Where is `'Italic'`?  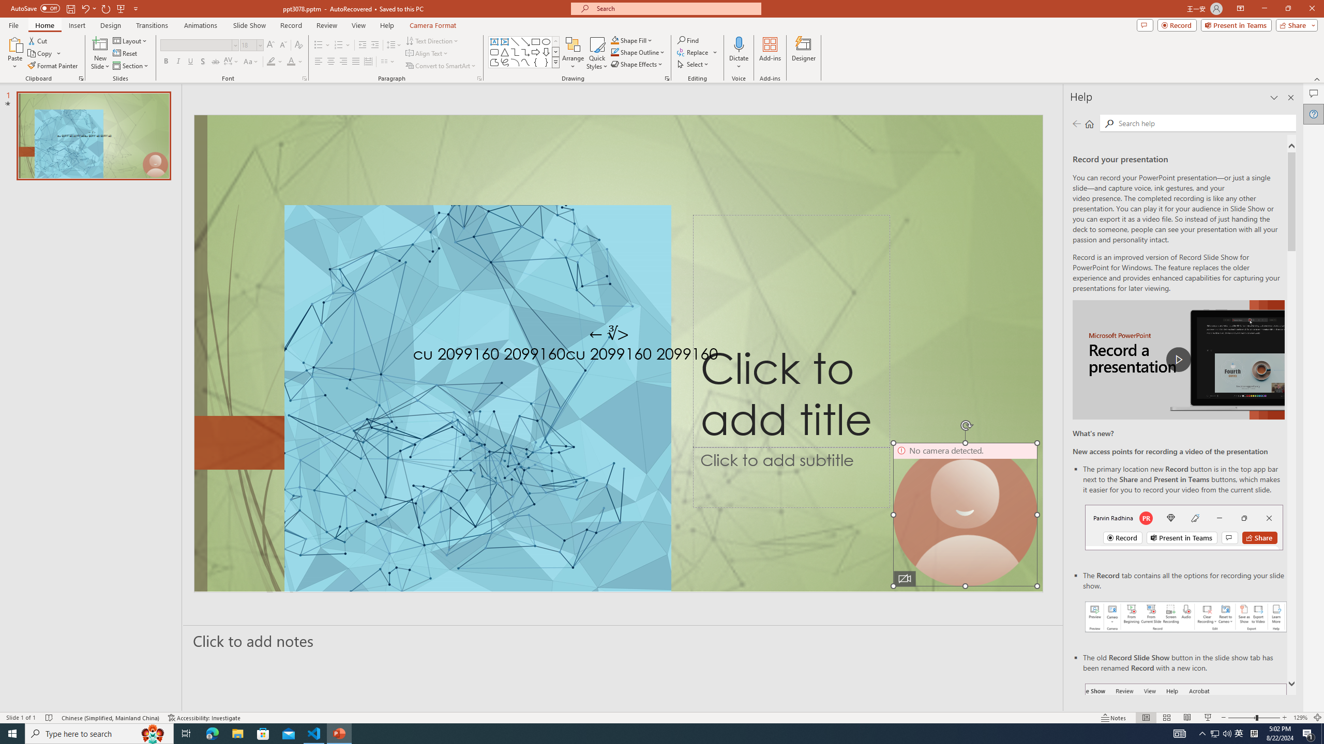
'Italic' is located at coordinates (177, 61).